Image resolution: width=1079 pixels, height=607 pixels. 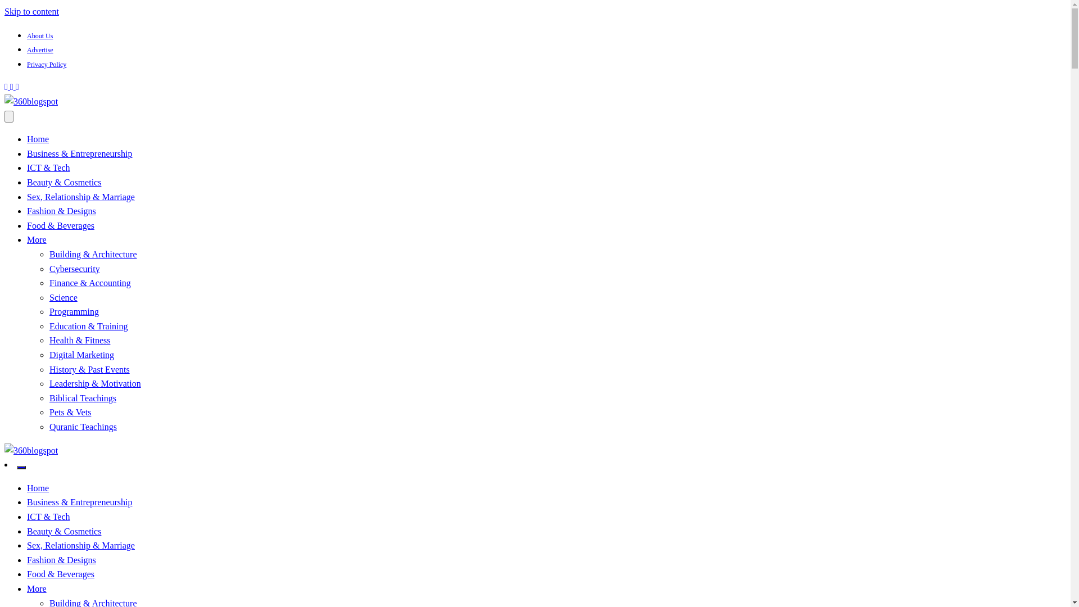 What do you see at coordinates (48, 427) in the screenshot?
I see `'Quranic Teachings'` at bounding box center [48, 427].